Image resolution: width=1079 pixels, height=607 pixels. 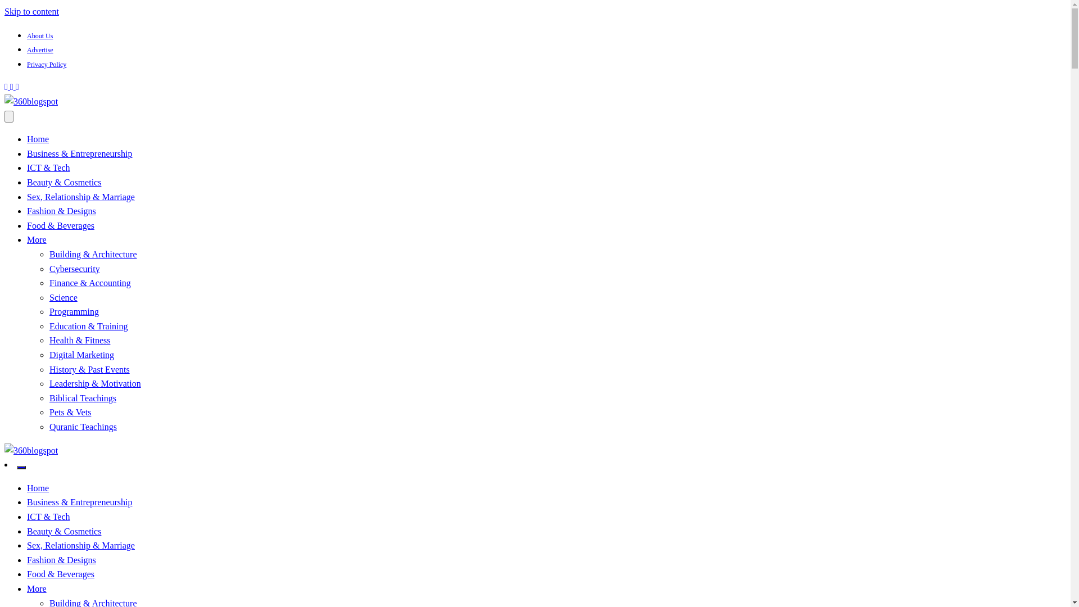 What do you see at coordinates (48, 427) in the screenshot?
I see `'Quranic Teachings'` at bounding box center [48, 427].